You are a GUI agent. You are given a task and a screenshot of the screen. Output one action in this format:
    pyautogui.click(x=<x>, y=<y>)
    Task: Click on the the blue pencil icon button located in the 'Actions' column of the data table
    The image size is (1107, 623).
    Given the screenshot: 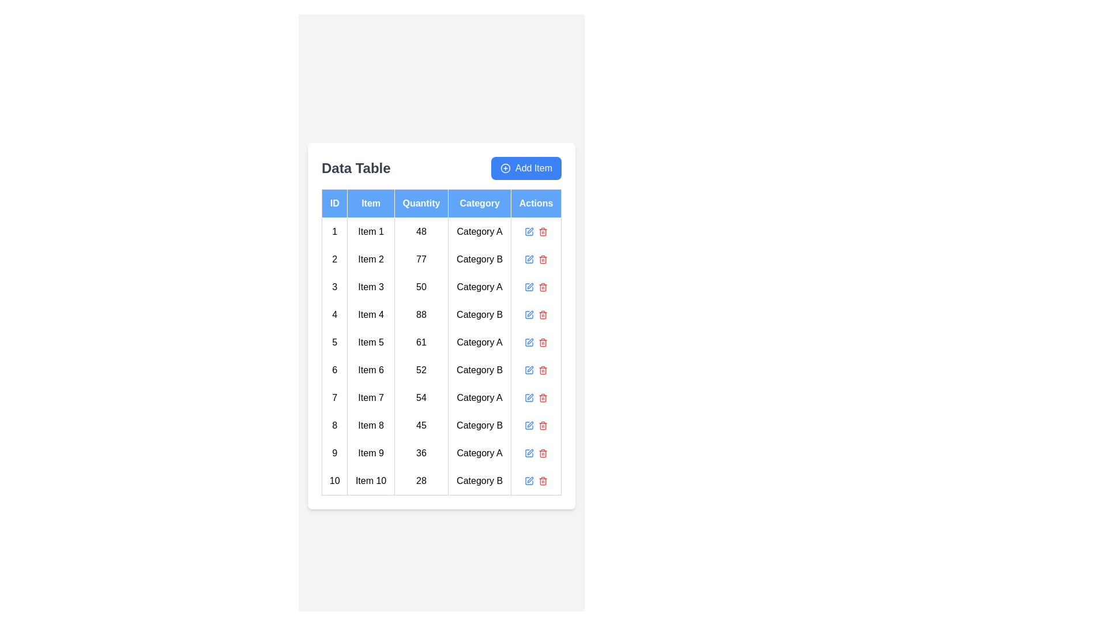 What is the action you would take?
    pyautogui.click(x=529, y=286)
    